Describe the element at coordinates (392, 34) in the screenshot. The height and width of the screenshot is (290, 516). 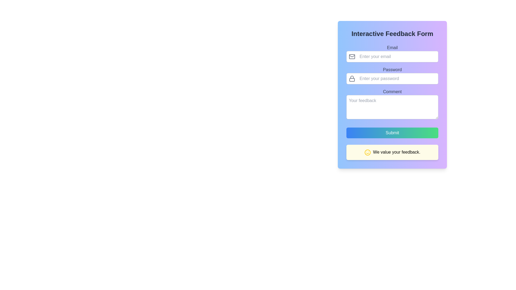
I see `the heading text element at the top of the feedback form, which serves as the title and provides context for the form` at that location.